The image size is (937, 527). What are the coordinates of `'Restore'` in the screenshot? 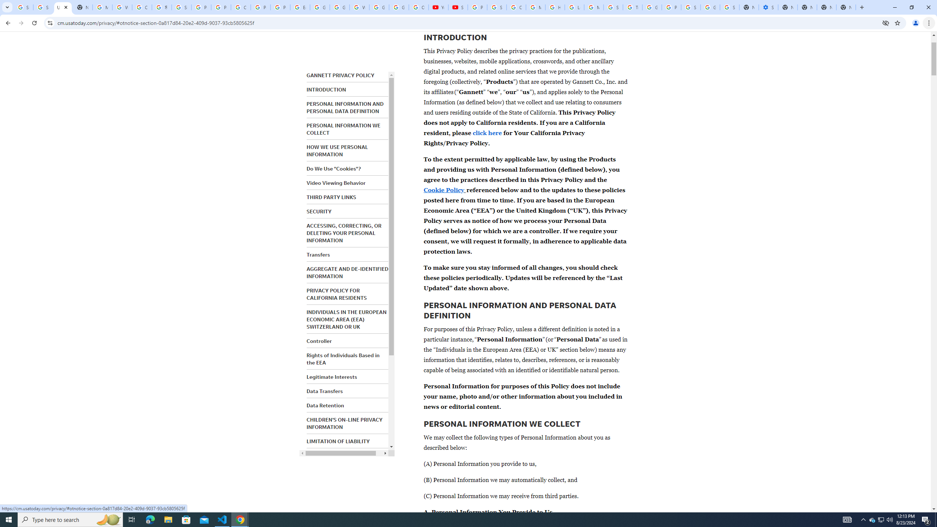 It's located at (911, 7).